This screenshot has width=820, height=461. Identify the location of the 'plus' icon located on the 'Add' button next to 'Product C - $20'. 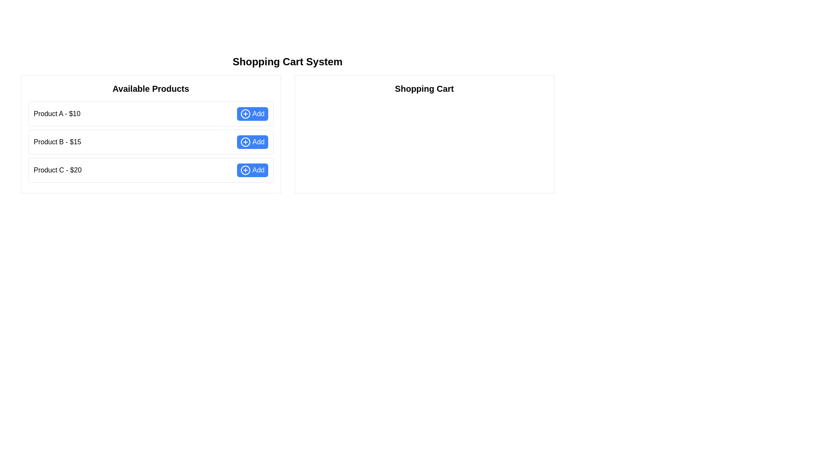
(245, 170).